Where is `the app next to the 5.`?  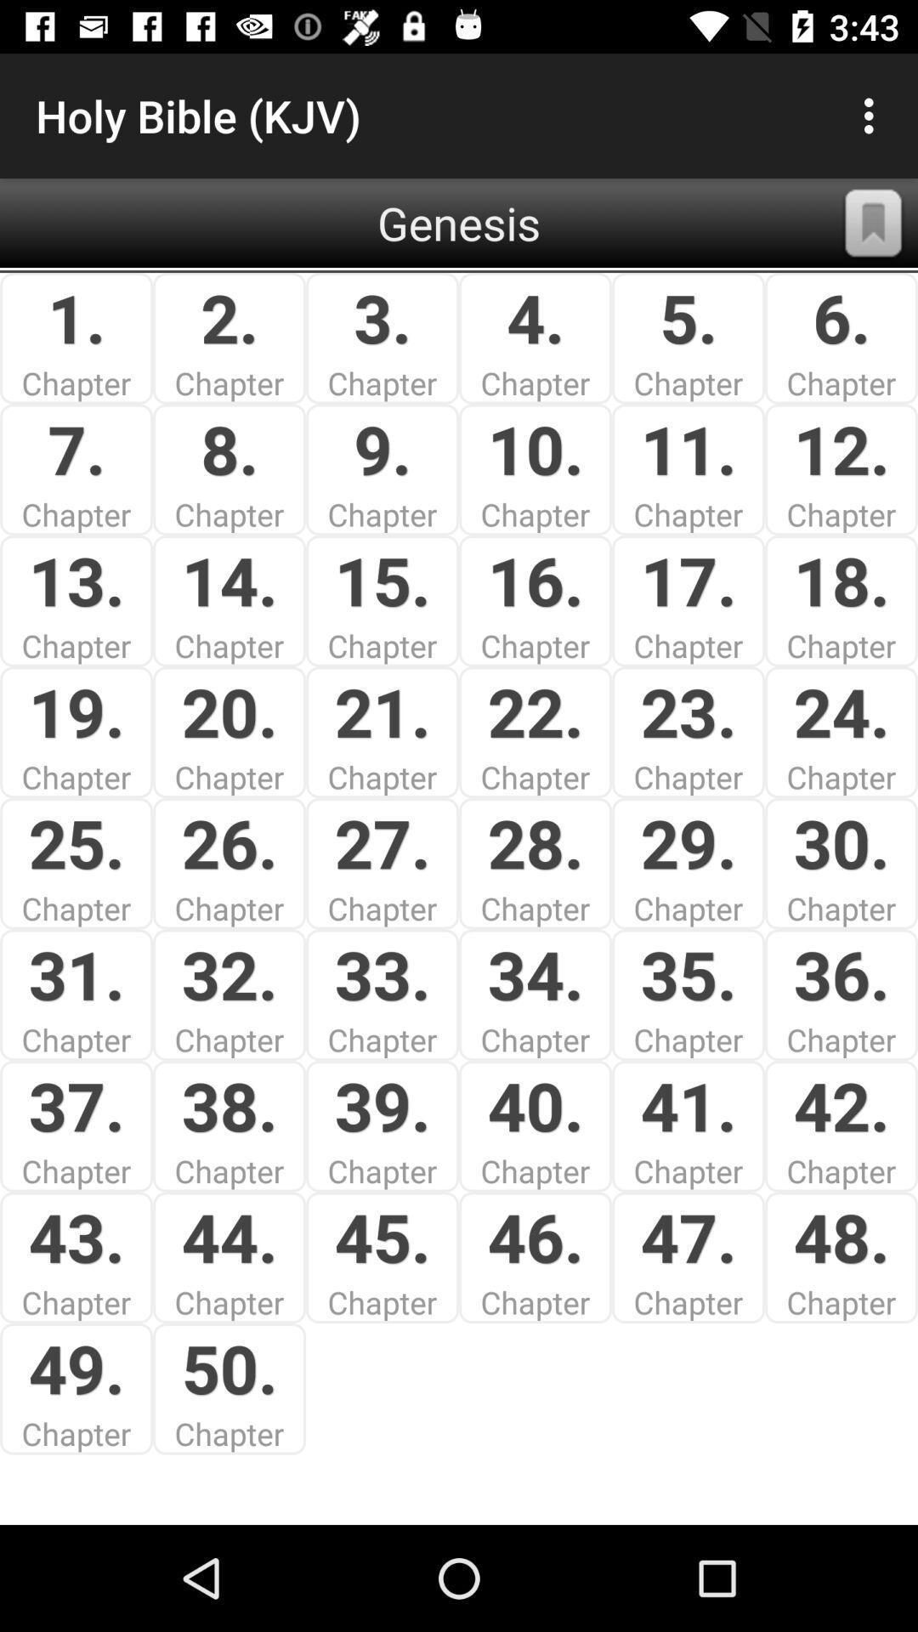 the app next to the 5. is located at coordinates (873, 222).